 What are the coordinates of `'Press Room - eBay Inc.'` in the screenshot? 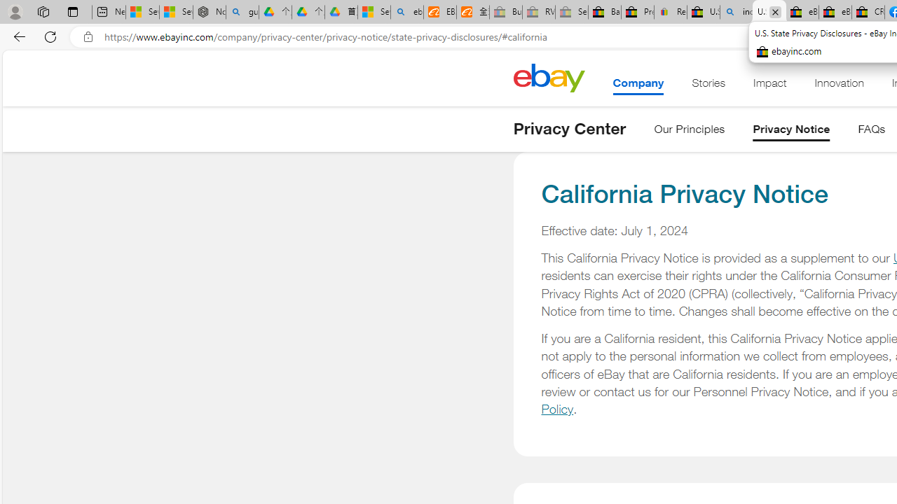 It's located at (637, 12).